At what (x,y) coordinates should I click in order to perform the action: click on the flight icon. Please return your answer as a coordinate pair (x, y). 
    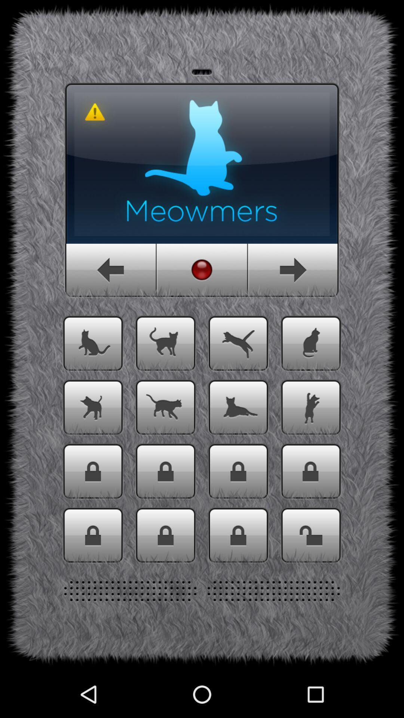
    Looking at the image, I should click on (238, 372).